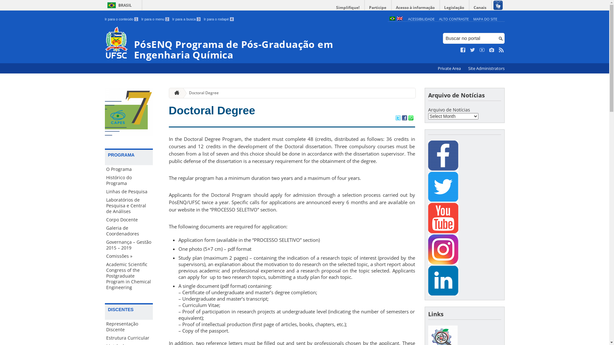 The image size is (614, 345). Describe the element at coordinates (453, 19) in the screenshot. I see `'ALTO CONTRASTE'` at that location.